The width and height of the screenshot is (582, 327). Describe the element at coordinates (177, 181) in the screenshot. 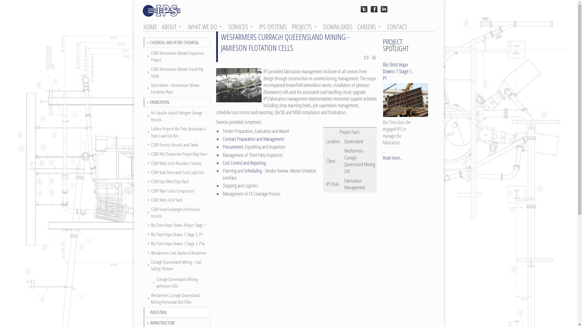

I see `'CSBP East West Pipe Rack'` at that location.